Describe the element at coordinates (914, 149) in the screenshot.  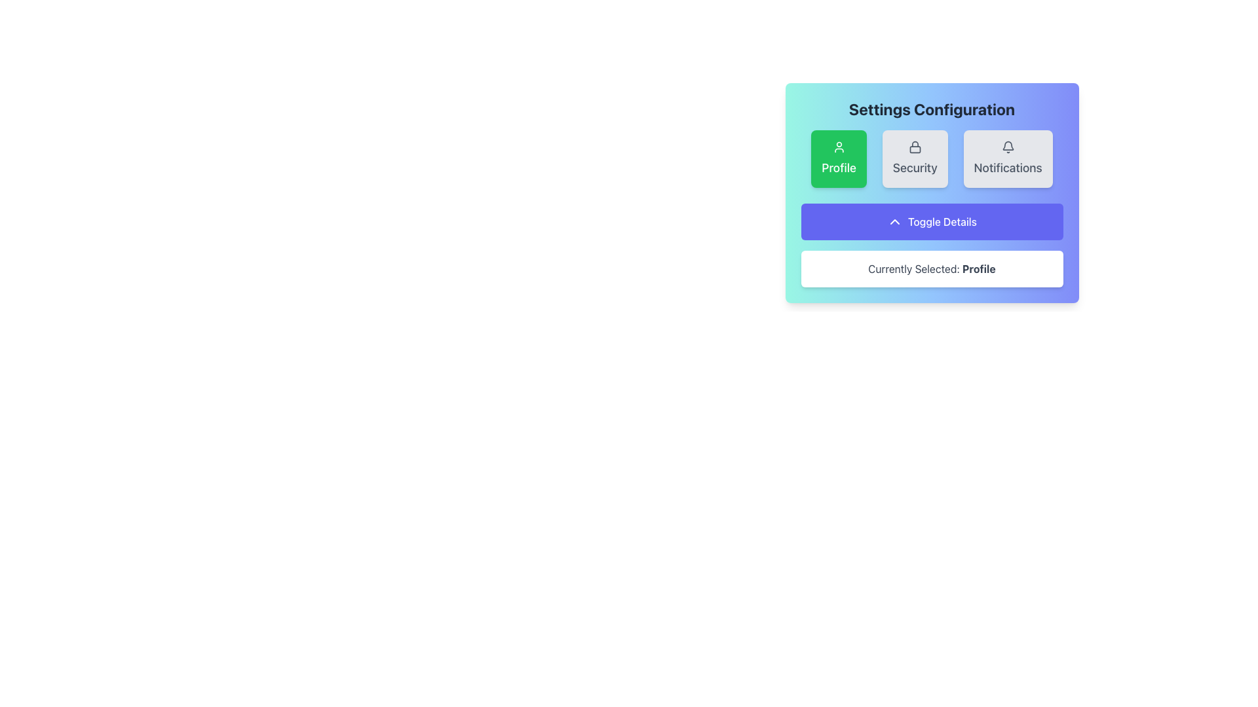
I see `the decorative component of the padlock icon, which is located inside the 'Security' button and positioned below the shackle element` at that location.